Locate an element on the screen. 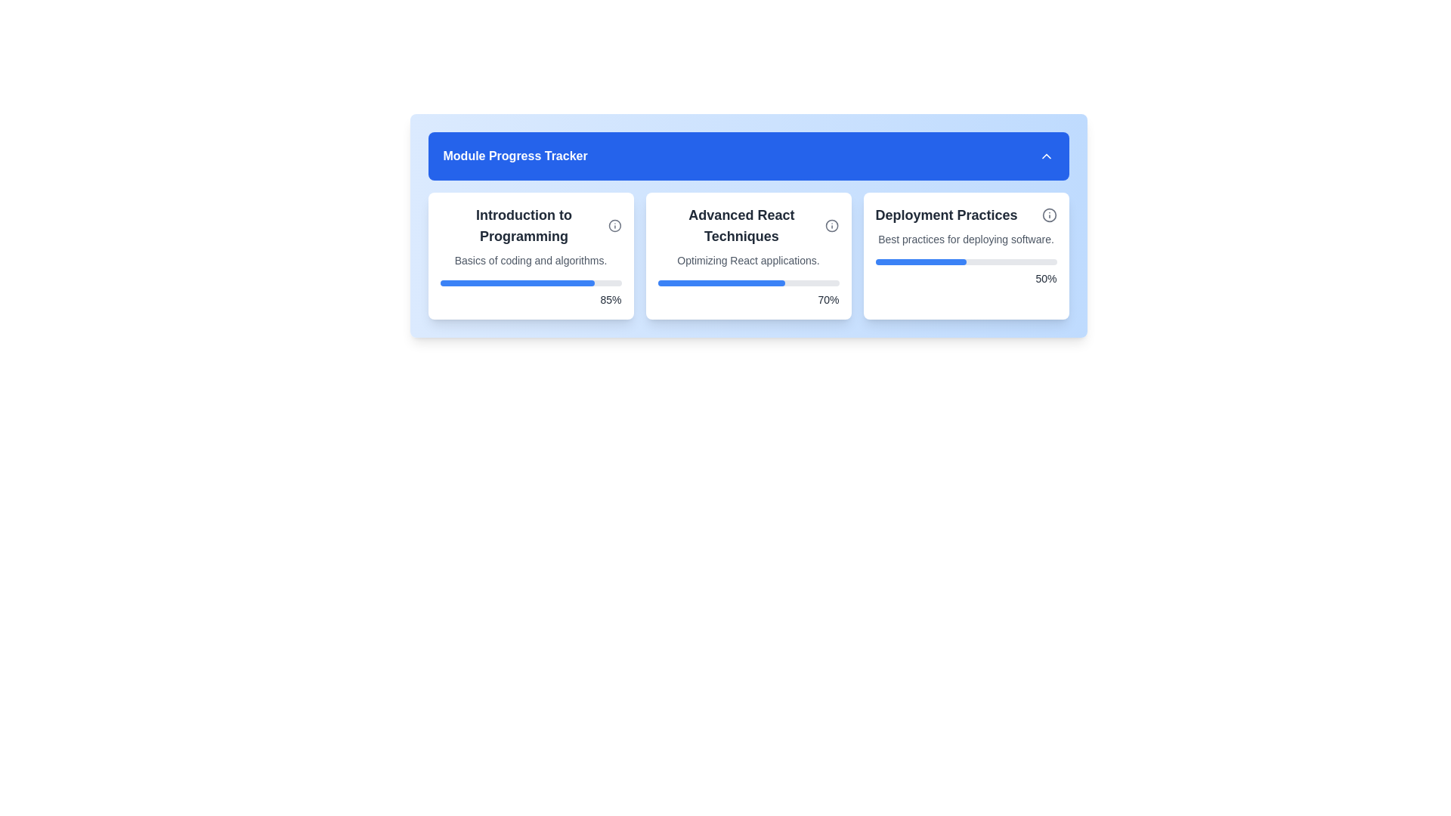  the static text element displaying 'Optimizing React applications.' which is positioned beneath the title 'Advanced React Techniques' in the middle card of a three-card layout is located at coordinates (748, 259).